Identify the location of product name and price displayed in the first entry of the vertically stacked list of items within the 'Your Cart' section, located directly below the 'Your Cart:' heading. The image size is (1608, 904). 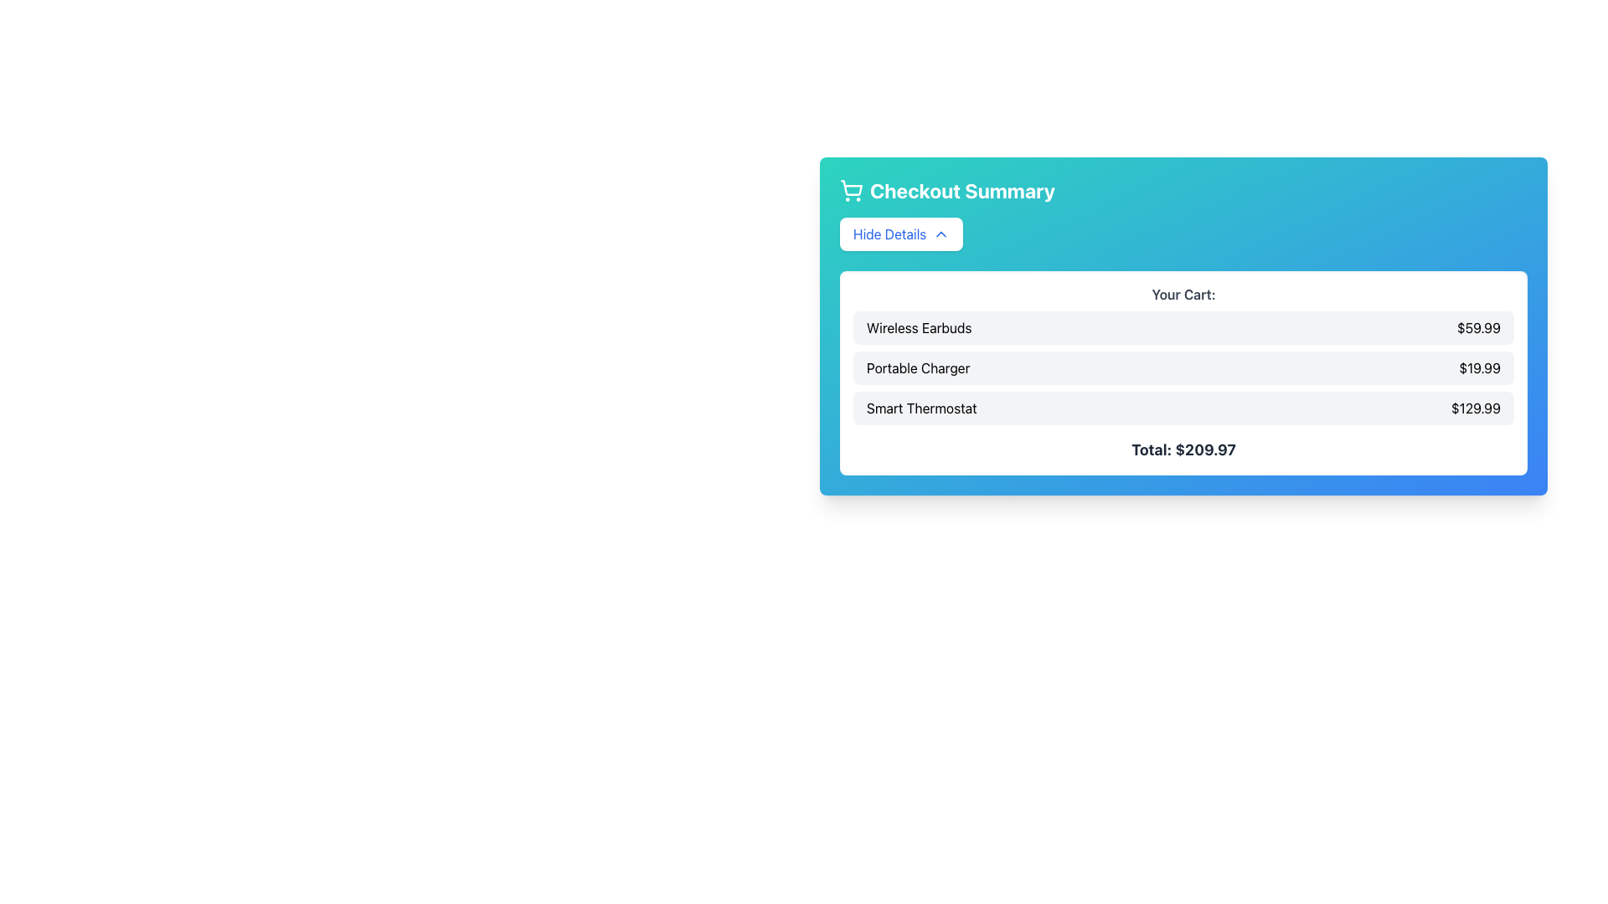
(1183, 328).